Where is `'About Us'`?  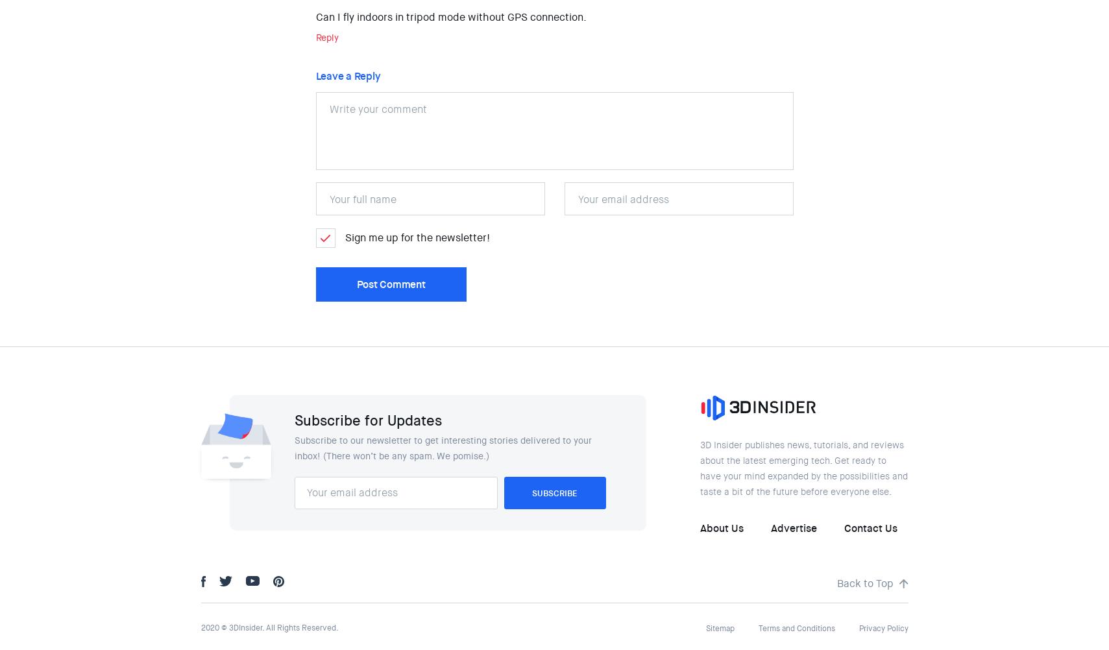
'About Us' is located at coordinates (721, 527).